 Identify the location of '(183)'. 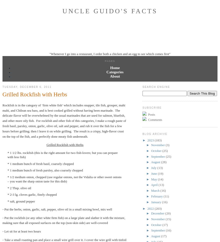
(158, 140).